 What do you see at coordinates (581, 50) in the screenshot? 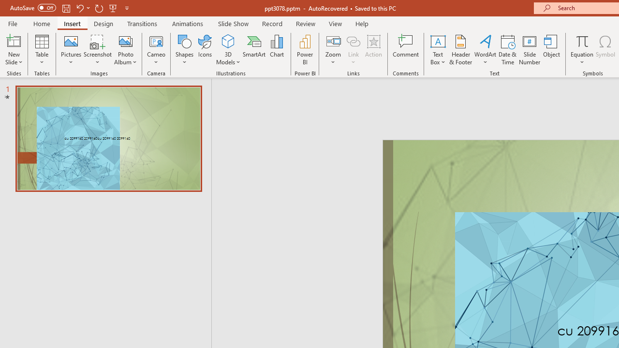
I see `'Equation'` at bounding box center [581, 50].